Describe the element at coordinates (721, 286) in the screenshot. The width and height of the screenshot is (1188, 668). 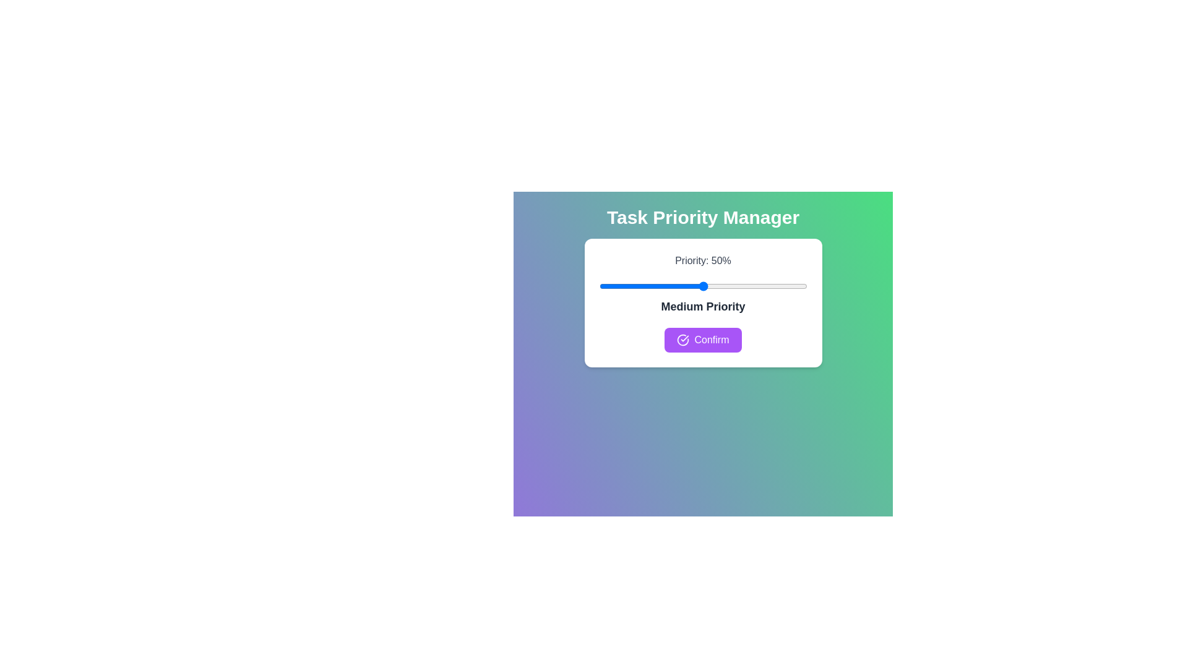
I see `the slider to set the priority to 59%` at that location.